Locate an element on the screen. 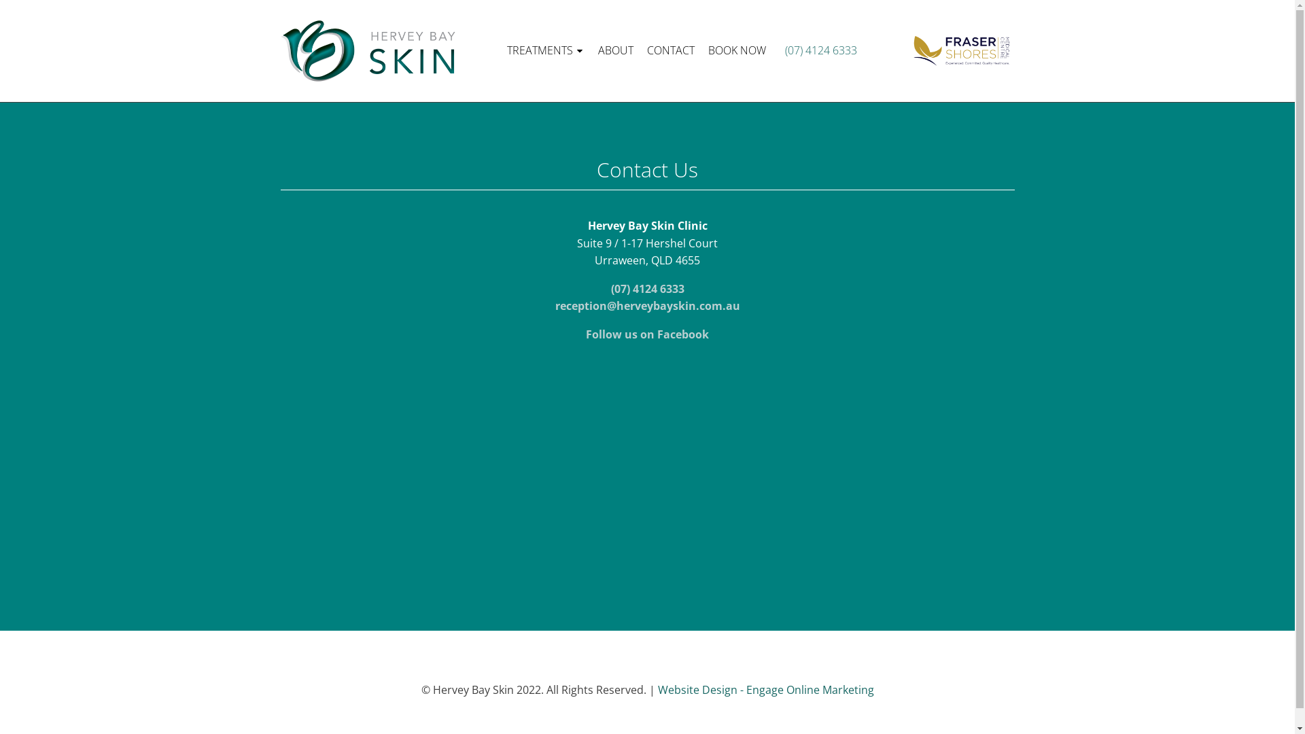  '(07) 4124 6333' is located at coordinates (646, 287).